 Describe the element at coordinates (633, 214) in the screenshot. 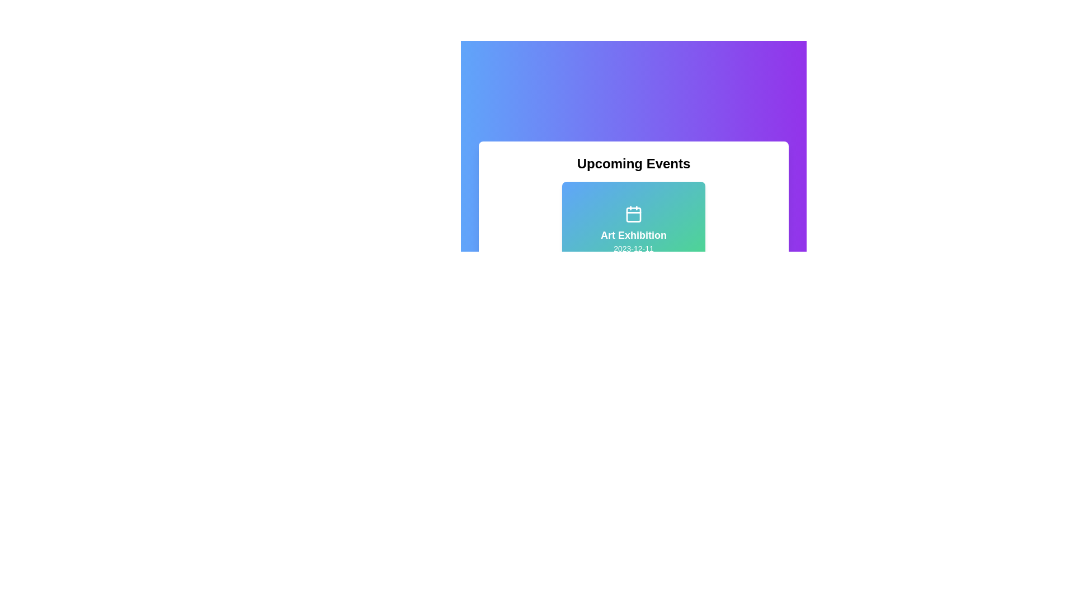

I see `the calendar icon that represents the event date '2023-12-11', positioned above the text 'Art Exhibition'` at that location.